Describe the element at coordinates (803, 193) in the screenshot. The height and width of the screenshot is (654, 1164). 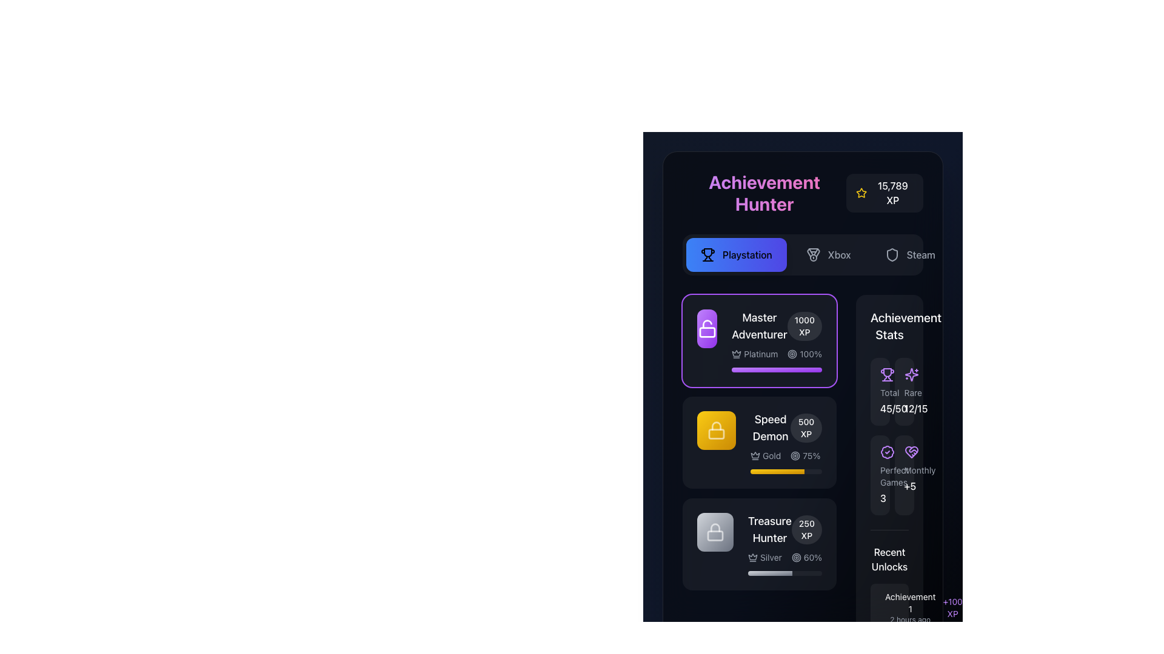
I see `text in the Heading with additional information block that summarizes the user's achievements and XP` at that location.